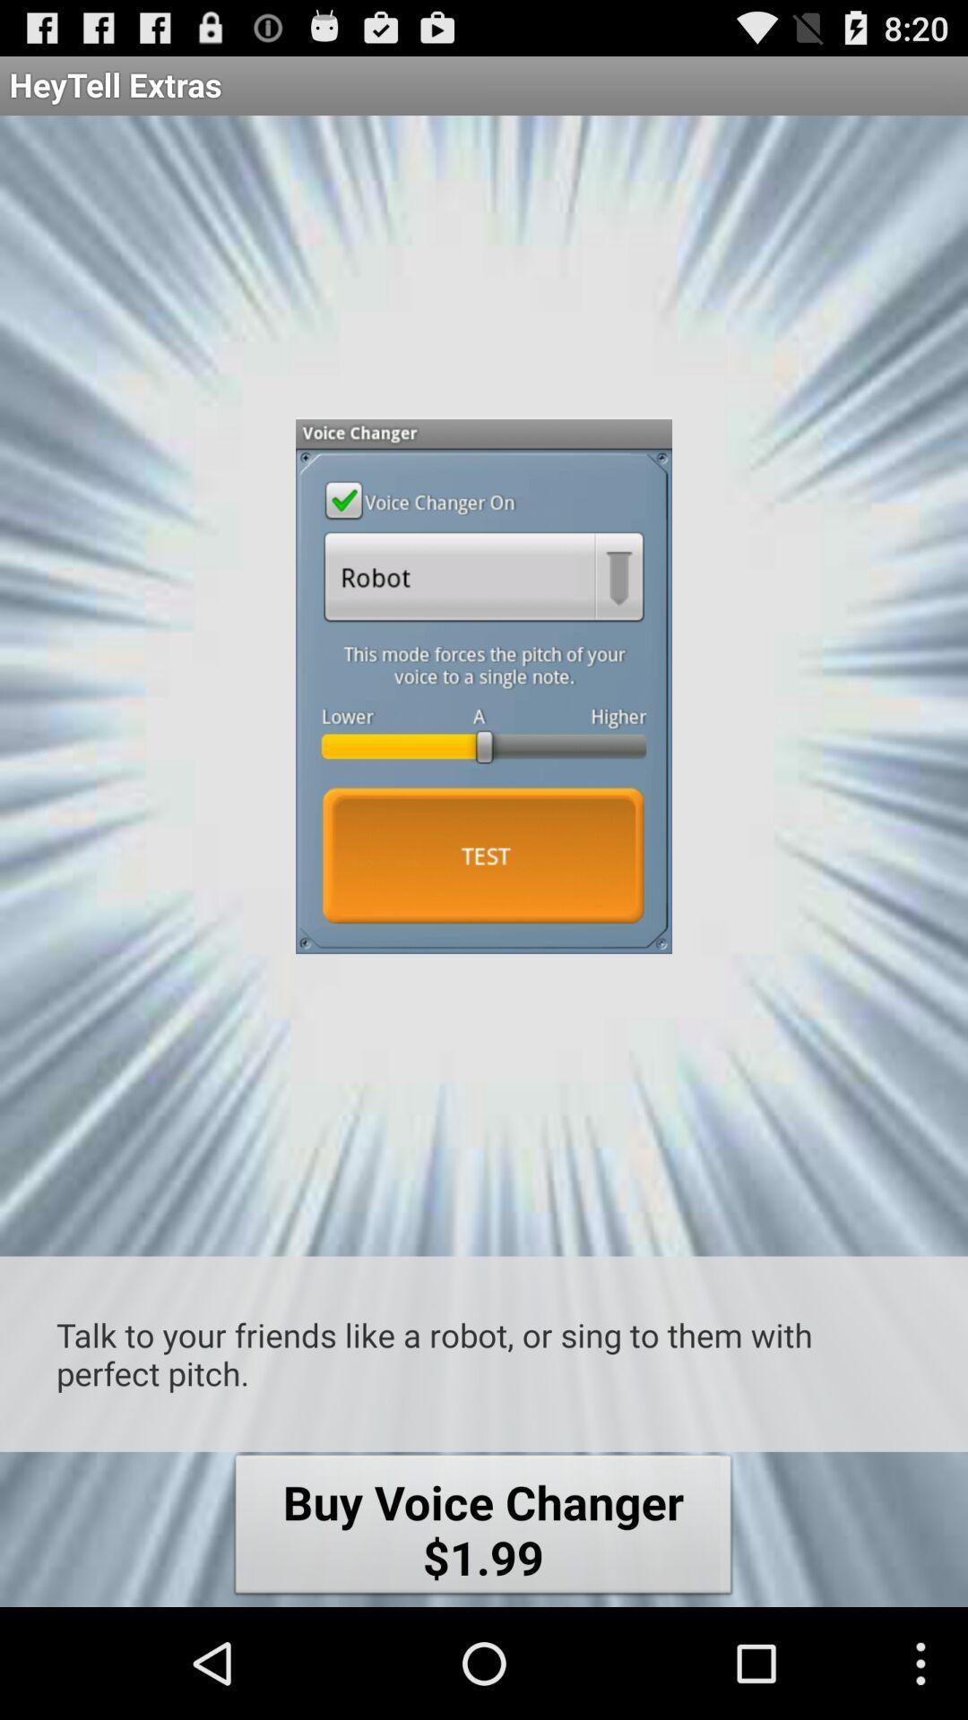  Describe the element at coordinates (482, 1528) in the screenshot. I see `the buy voice changer item` at that location.